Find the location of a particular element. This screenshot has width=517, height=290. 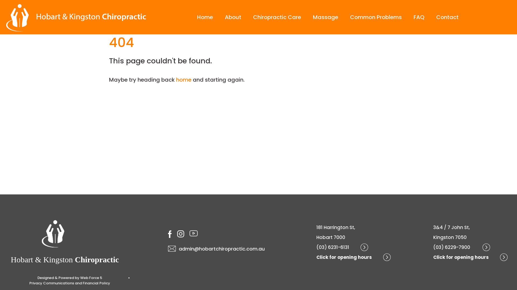

'About' is located at coordinates (233, 17).